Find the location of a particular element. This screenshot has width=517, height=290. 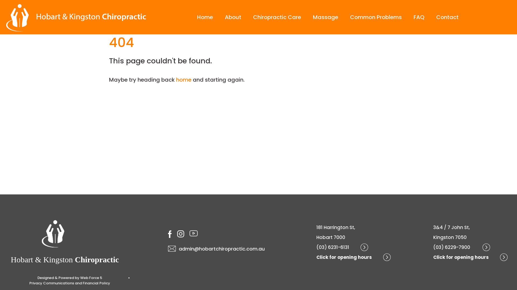

'About' is located at coordinates (233, 17).